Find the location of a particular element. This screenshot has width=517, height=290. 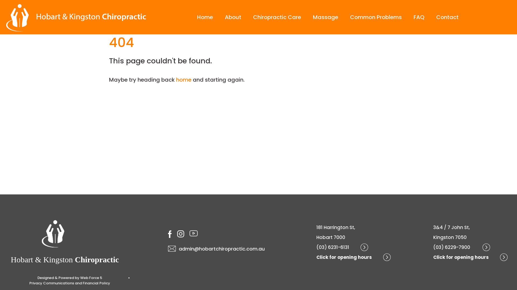

'About' is located at coordinates (233, 17).